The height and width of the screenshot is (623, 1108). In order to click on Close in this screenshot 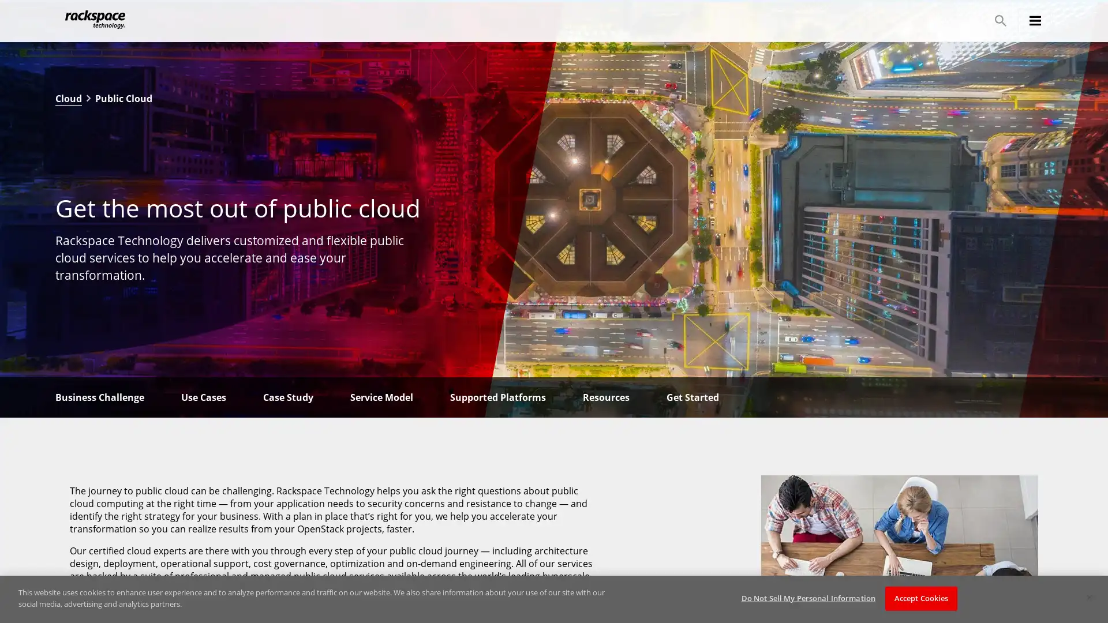, I will do `click(1088, 597)`.